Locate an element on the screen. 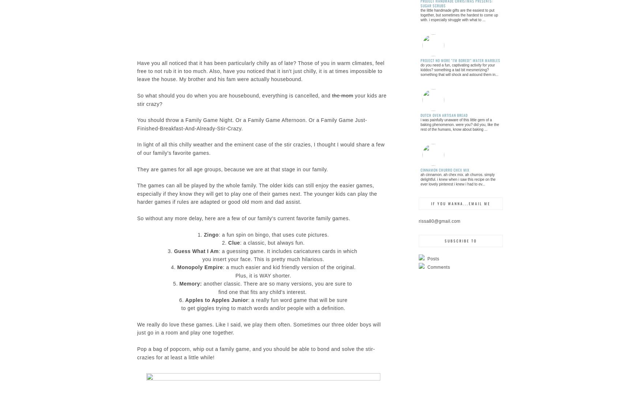  'the mom' is located at coordinates (342, 95).